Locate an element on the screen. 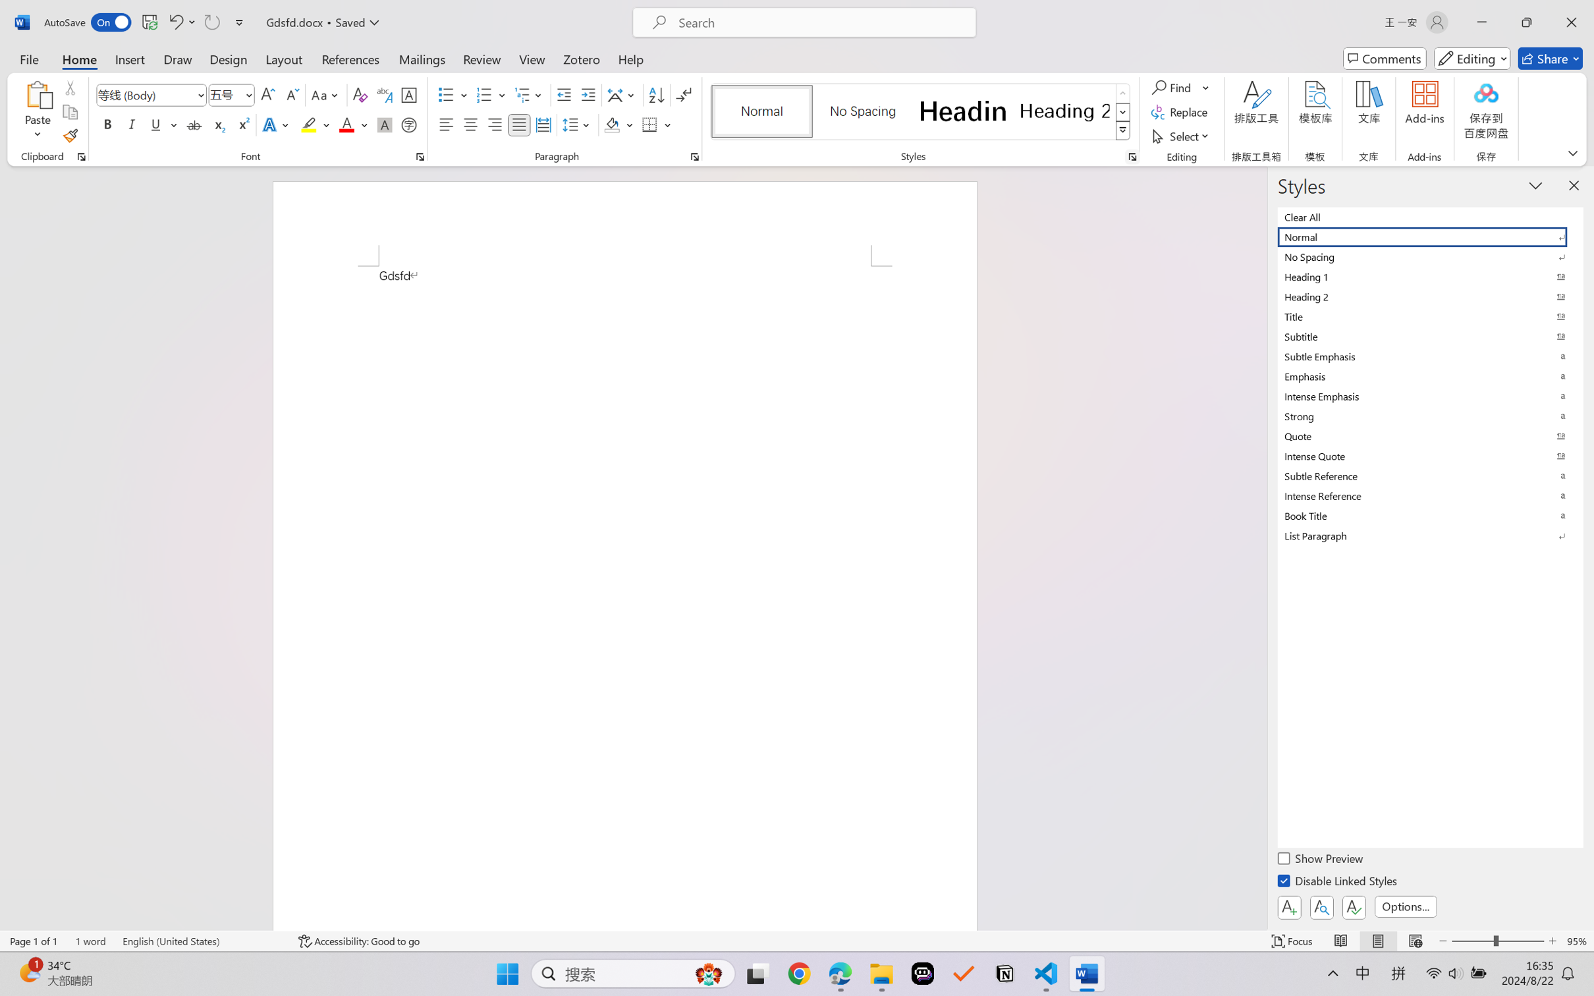 This screenshot has height=996, width=1594. 'Task Pane Options' is located at coordinates (1535, 185).